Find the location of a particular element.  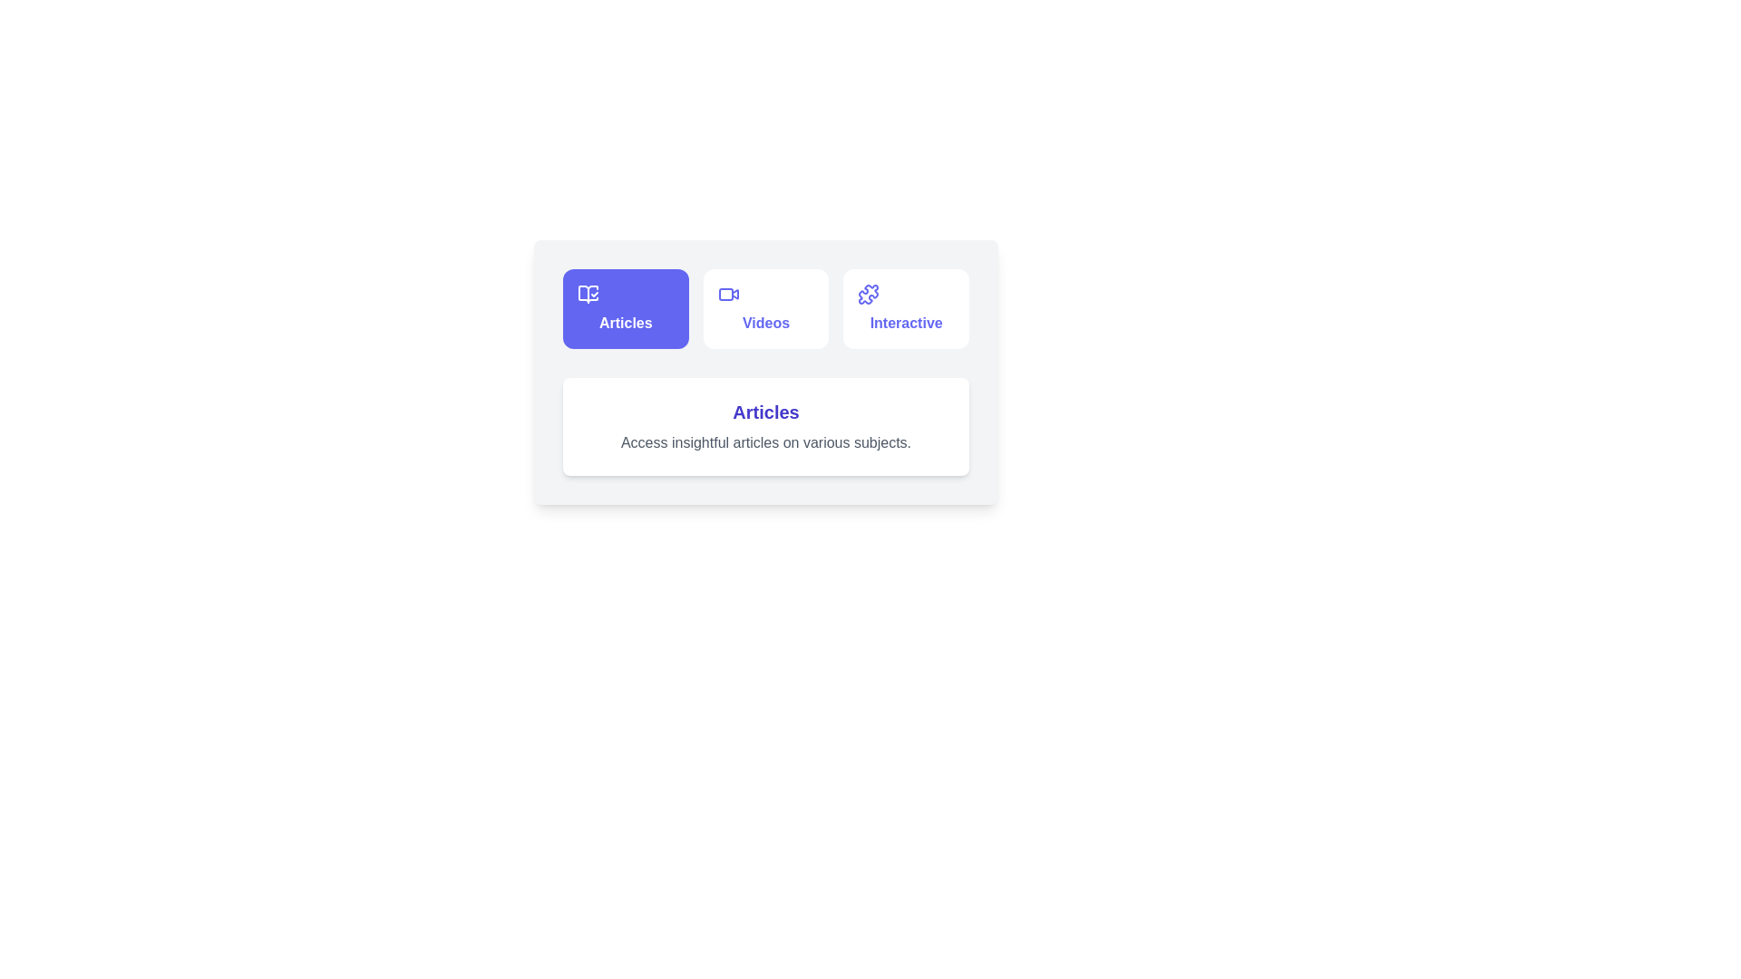

the tab button labeled 'Articles' to observe the hover effect is located at coordinates (626, 307).